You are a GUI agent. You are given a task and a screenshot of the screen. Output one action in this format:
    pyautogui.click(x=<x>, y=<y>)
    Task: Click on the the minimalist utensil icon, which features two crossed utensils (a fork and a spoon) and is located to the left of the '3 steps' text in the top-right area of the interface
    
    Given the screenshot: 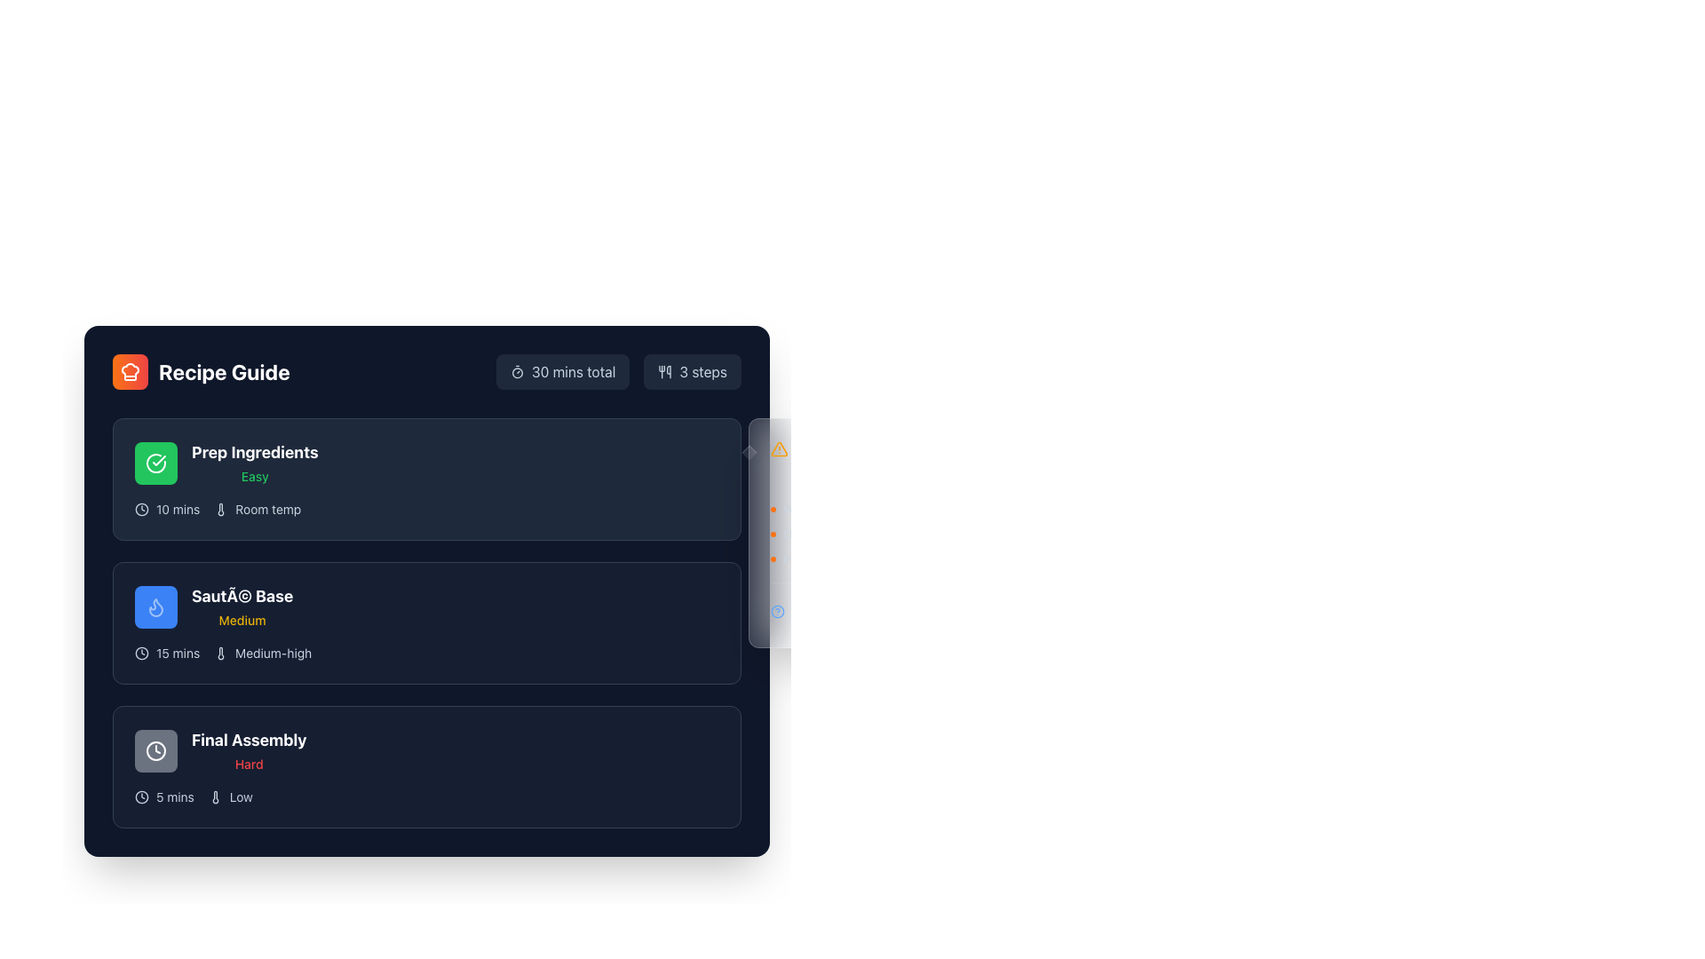 What is the action you would take?
    pyautogui.click(x=664, y=371)
    